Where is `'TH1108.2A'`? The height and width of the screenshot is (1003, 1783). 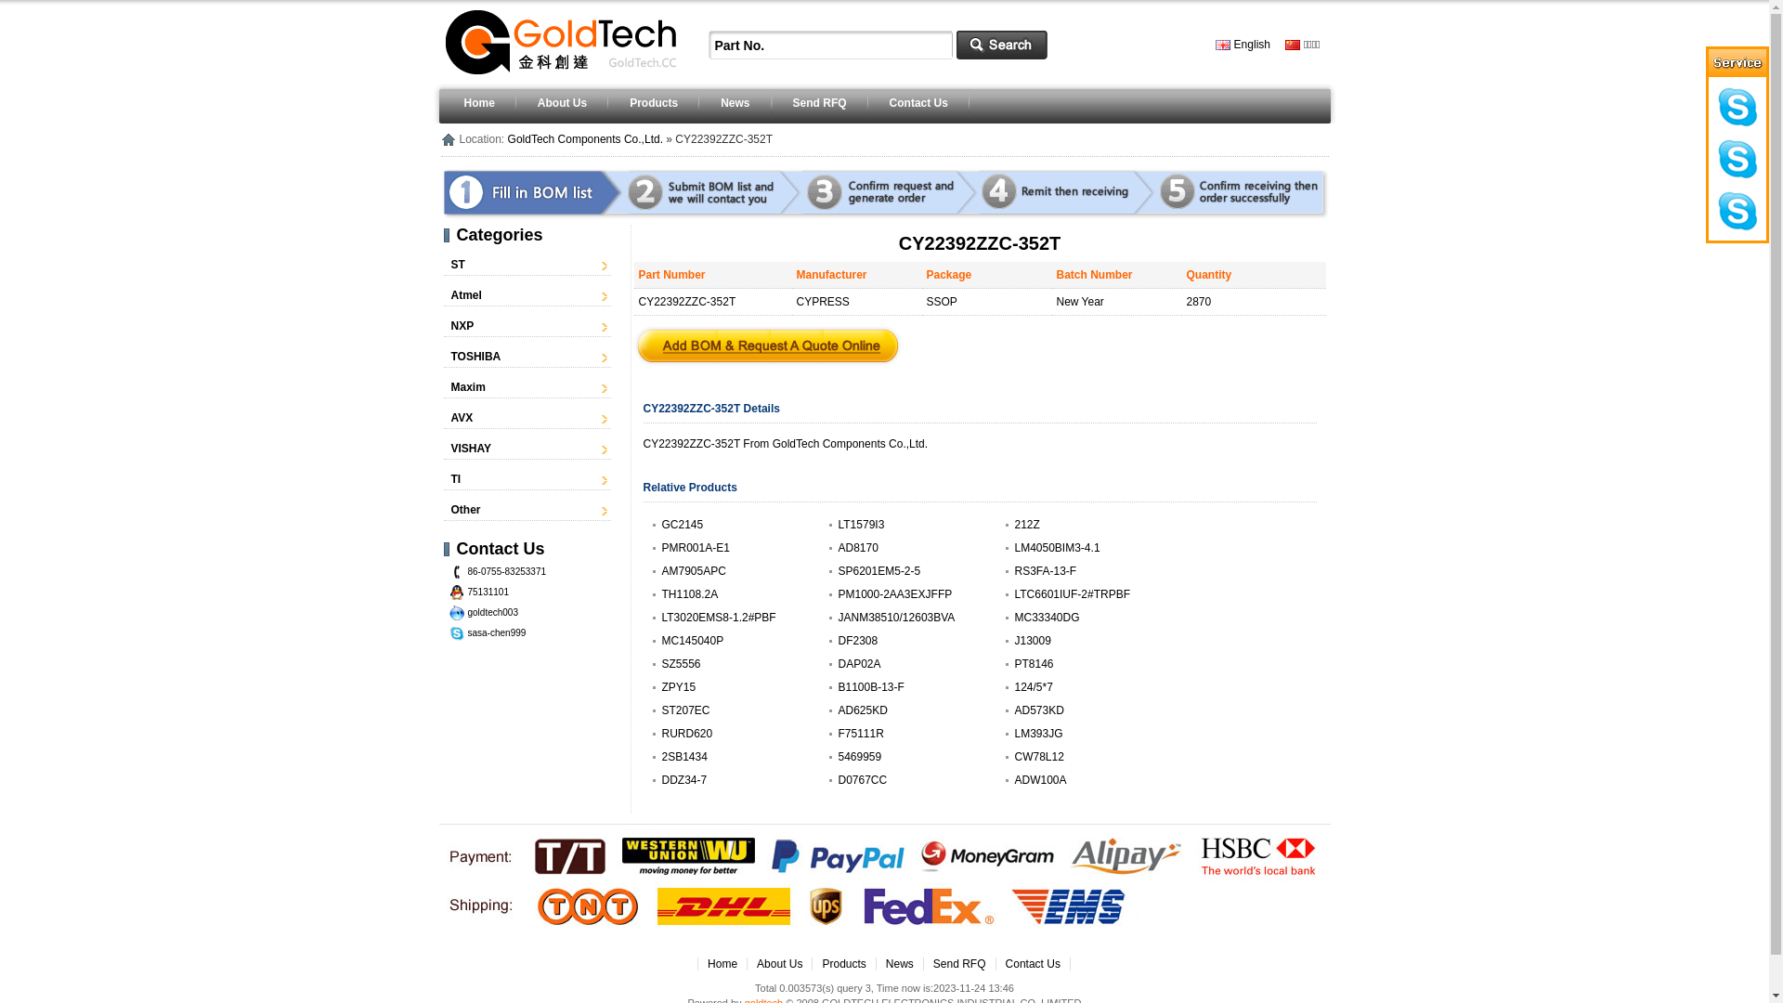
'TH1108.2A' is located at coordinates (688, 594).